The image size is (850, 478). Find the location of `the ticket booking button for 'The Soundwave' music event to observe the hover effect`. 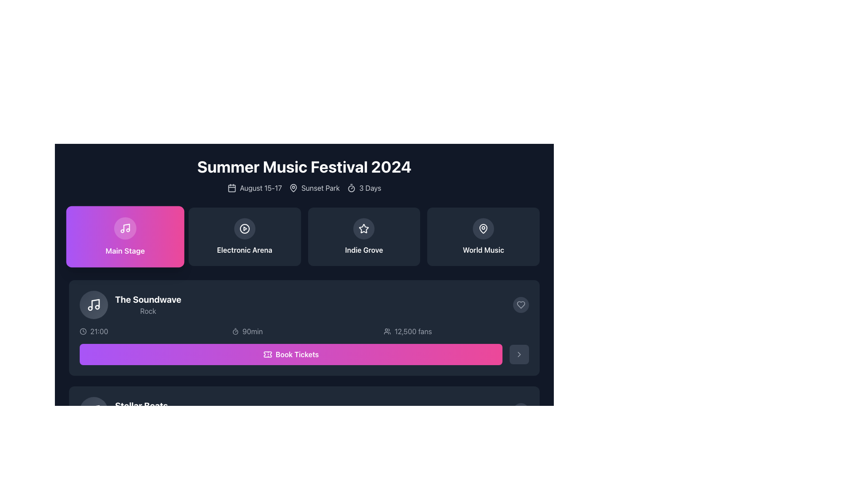

the ticket booking button for 'The Soundwave' music event to observe the hover effect is located at coordinates (291, 460).